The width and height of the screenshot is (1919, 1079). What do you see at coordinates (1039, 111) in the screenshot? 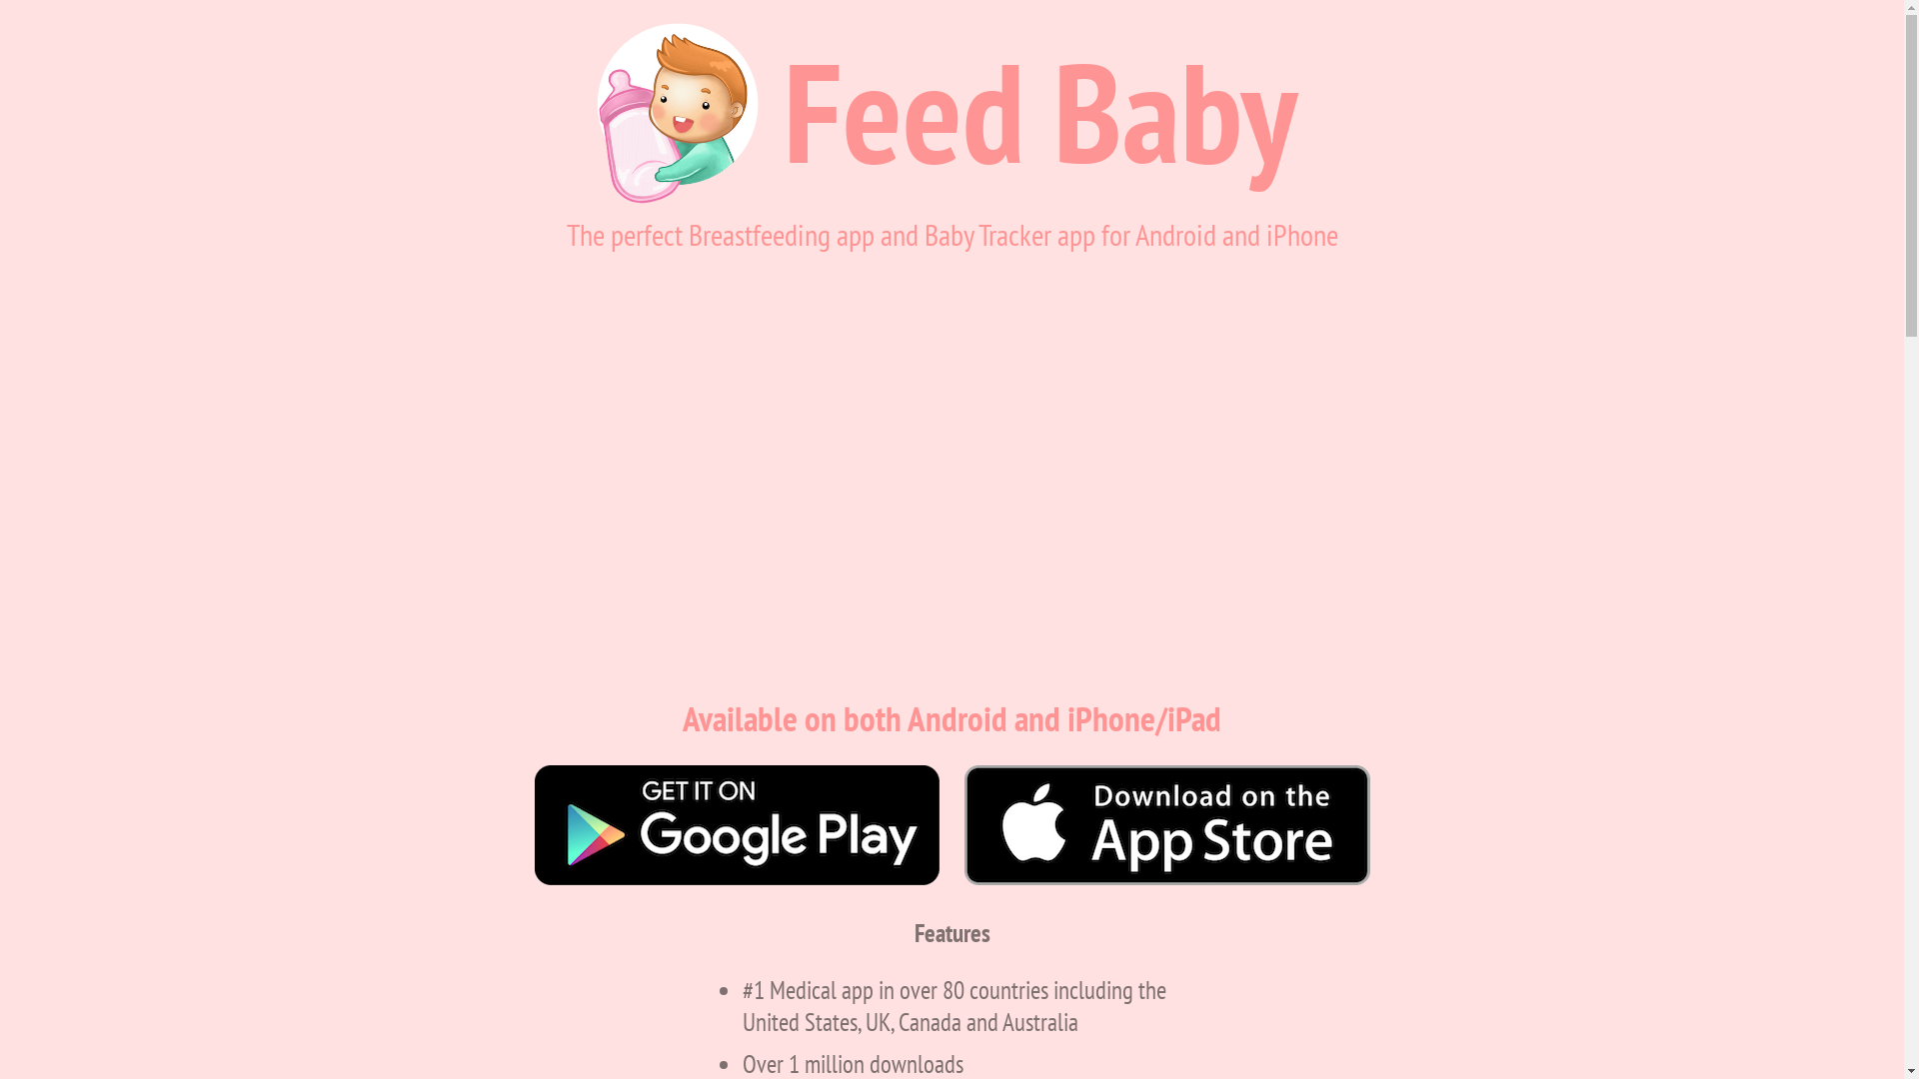
I see `'Feed Baby'` at bounding box center [1039, 111].